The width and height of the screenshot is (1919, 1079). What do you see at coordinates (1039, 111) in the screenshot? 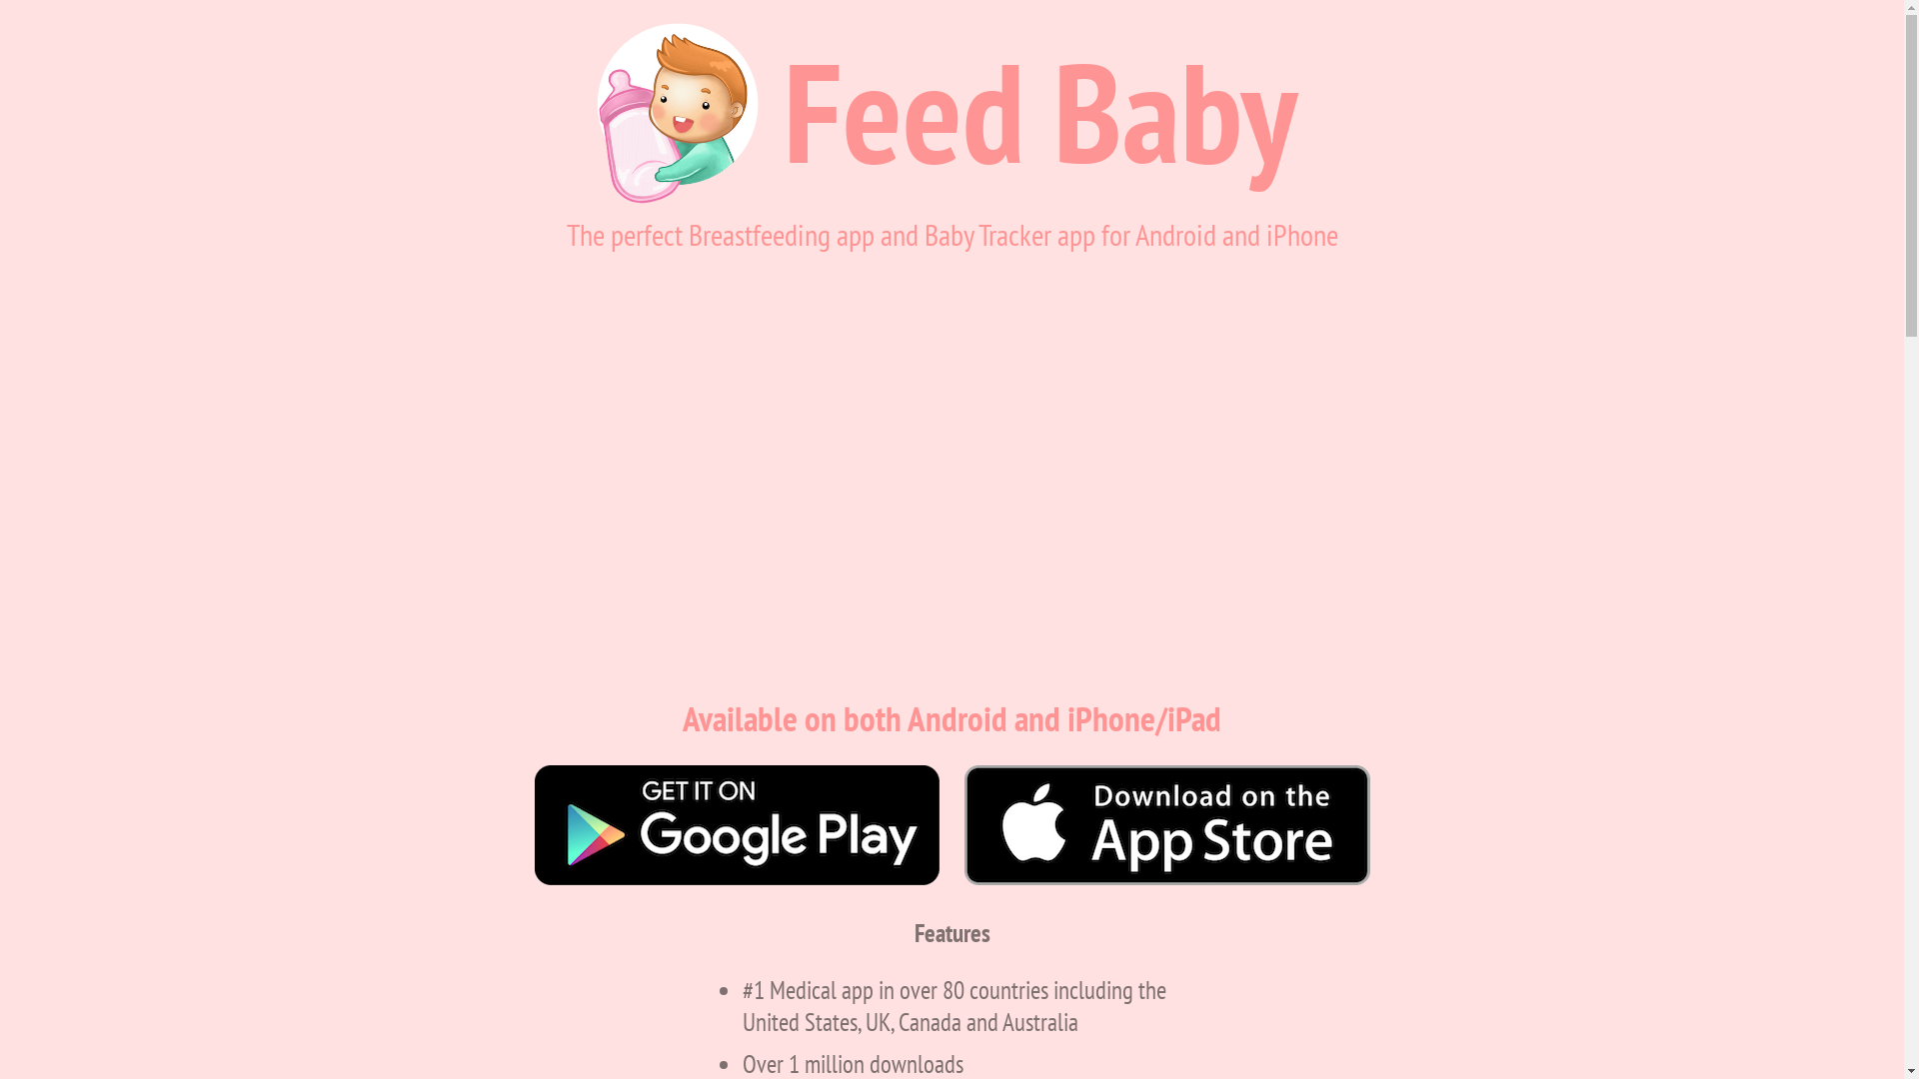
I see `'Feed Baby'` at bounding box center [1039, 111].